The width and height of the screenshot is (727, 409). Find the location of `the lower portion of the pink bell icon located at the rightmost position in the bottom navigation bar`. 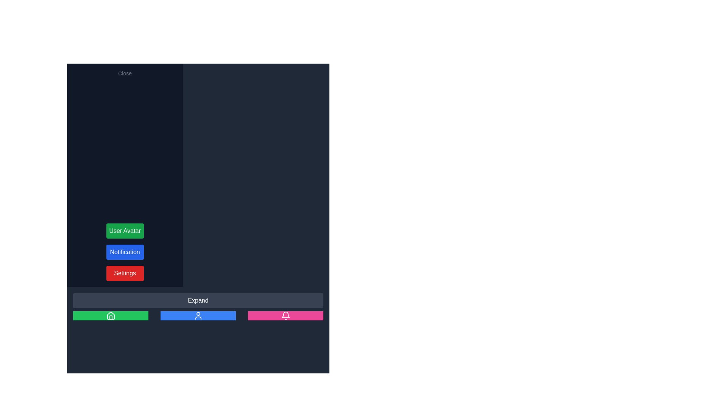

the lower portion of the pink bell icon located at the rightmost position in the bottom navigation bar is located at coordinates (285, 315).